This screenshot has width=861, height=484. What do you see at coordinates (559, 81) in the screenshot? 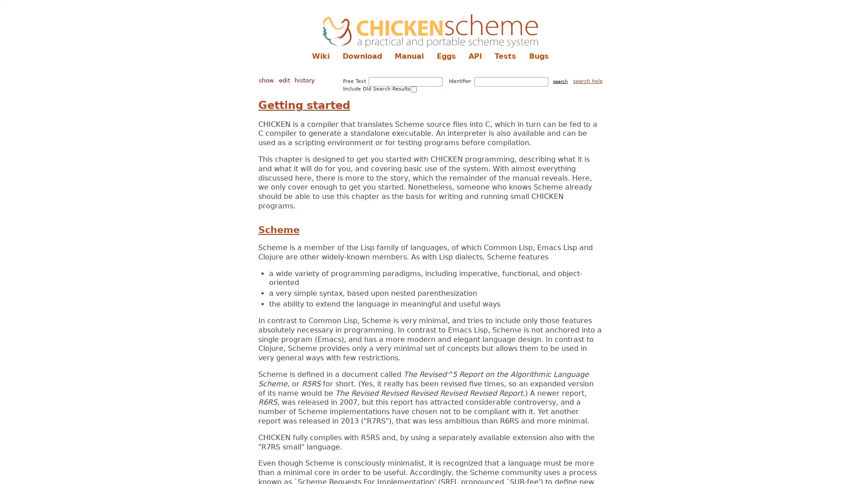
I see `search` at bounding box center [559, 81].